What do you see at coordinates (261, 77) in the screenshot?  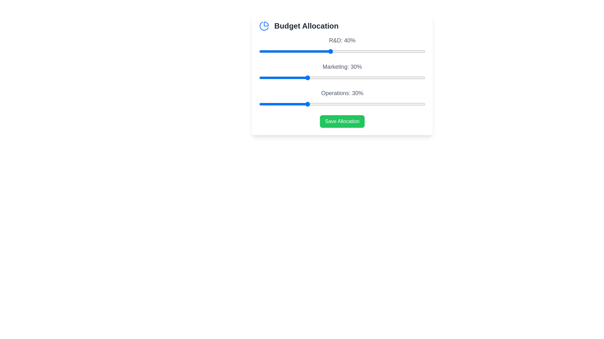 I see `the 'Marketing' slider to allocate 11% budget` at bounding box center [261, 77].